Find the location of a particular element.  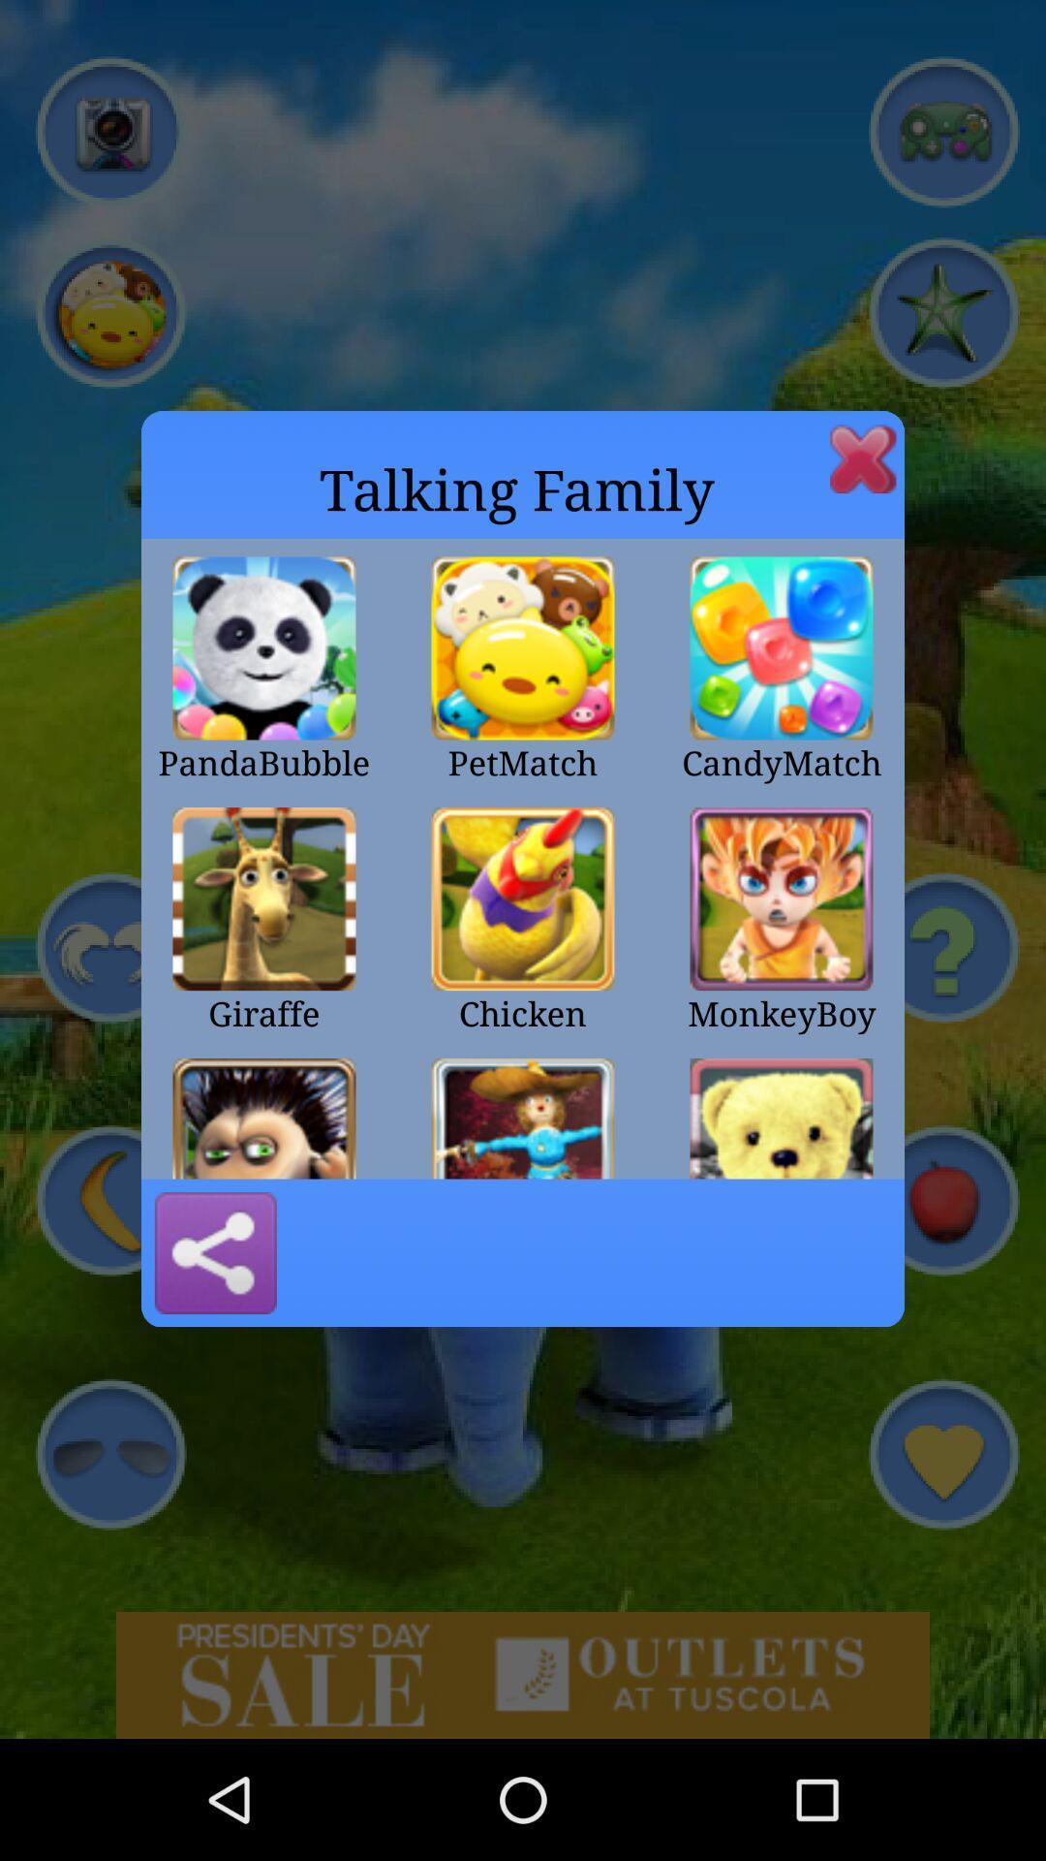

window is located at coordinates (862, 457).